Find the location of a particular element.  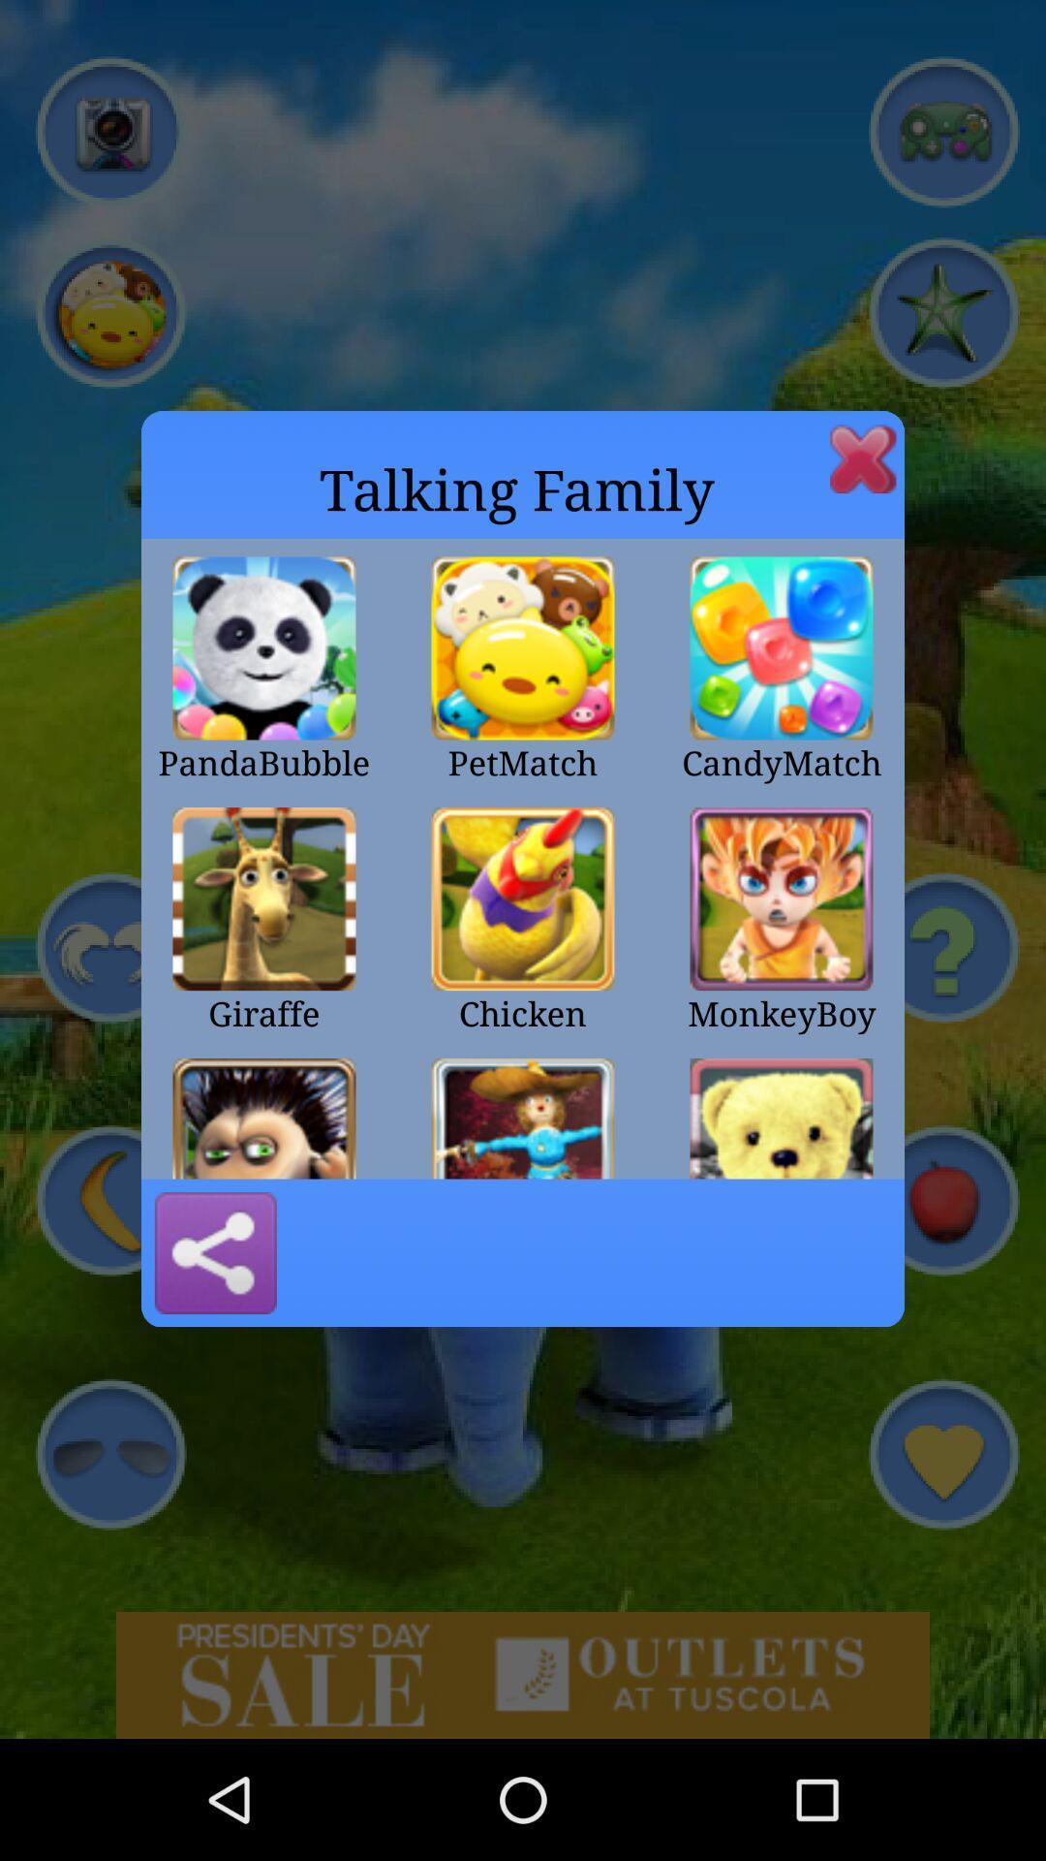

window is located at coordinates (862, 457).